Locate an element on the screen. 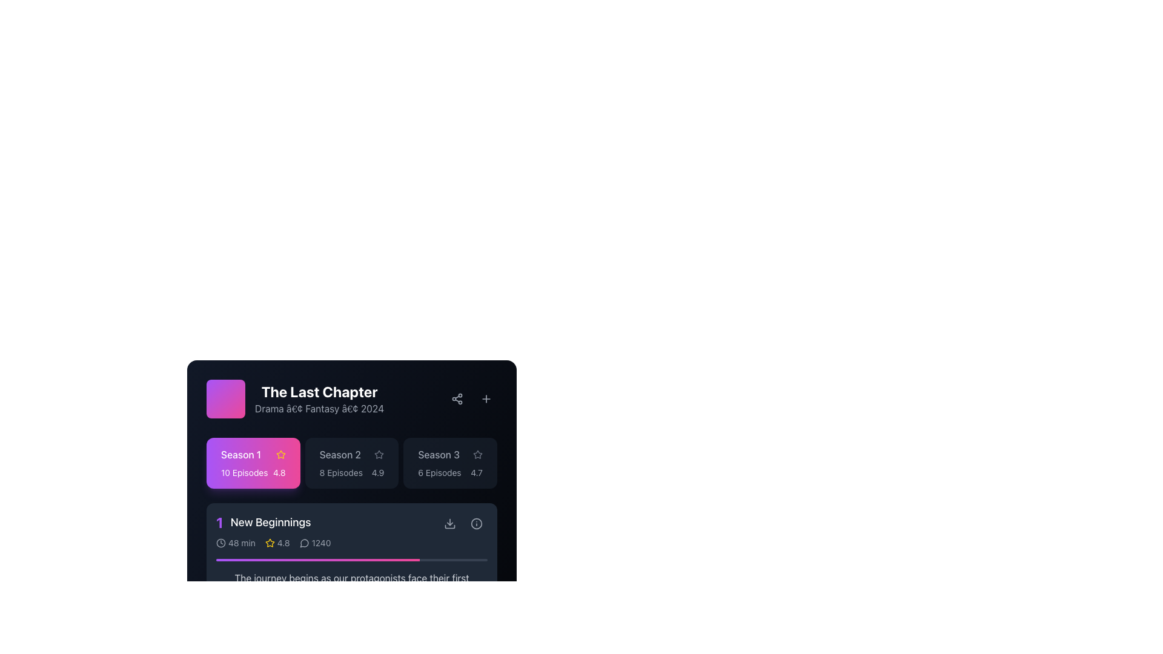 This screenshot has height=654, width=1163. the Text display element showing '10 Episodes' and '4.8' rating, located in the highlighted section labeled 'Season 1' in the upper left of the season selection area is located at coordinates (253, 472).